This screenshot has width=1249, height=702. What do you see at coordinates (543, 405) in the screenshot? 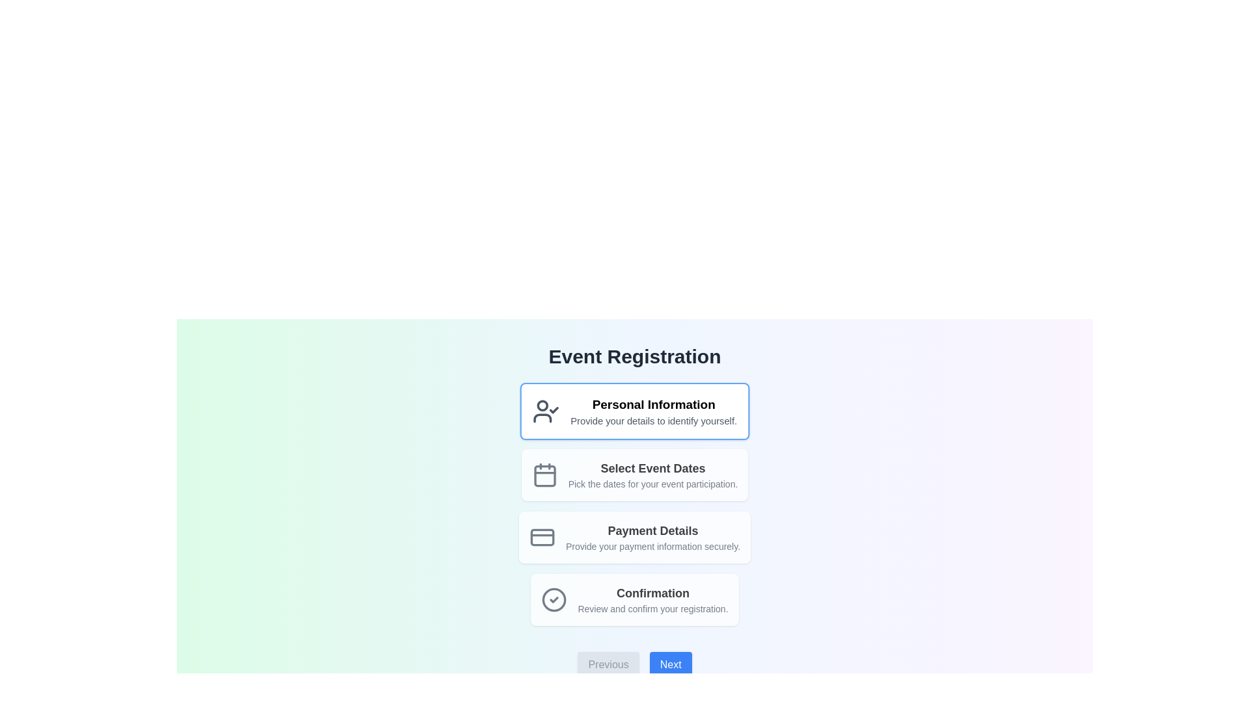
I see `the decorative circular graphic that is part of the user-check SVG icon, located towards the top-left region of the user icon` at bounding box center [543, 405].